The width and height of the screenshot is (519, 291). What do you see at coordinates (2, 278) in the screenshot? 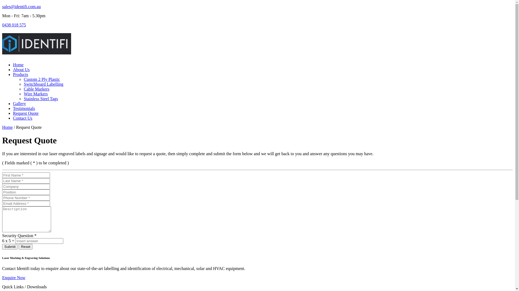
I see `'Enquire Now'` at bounding box center [2, 278].